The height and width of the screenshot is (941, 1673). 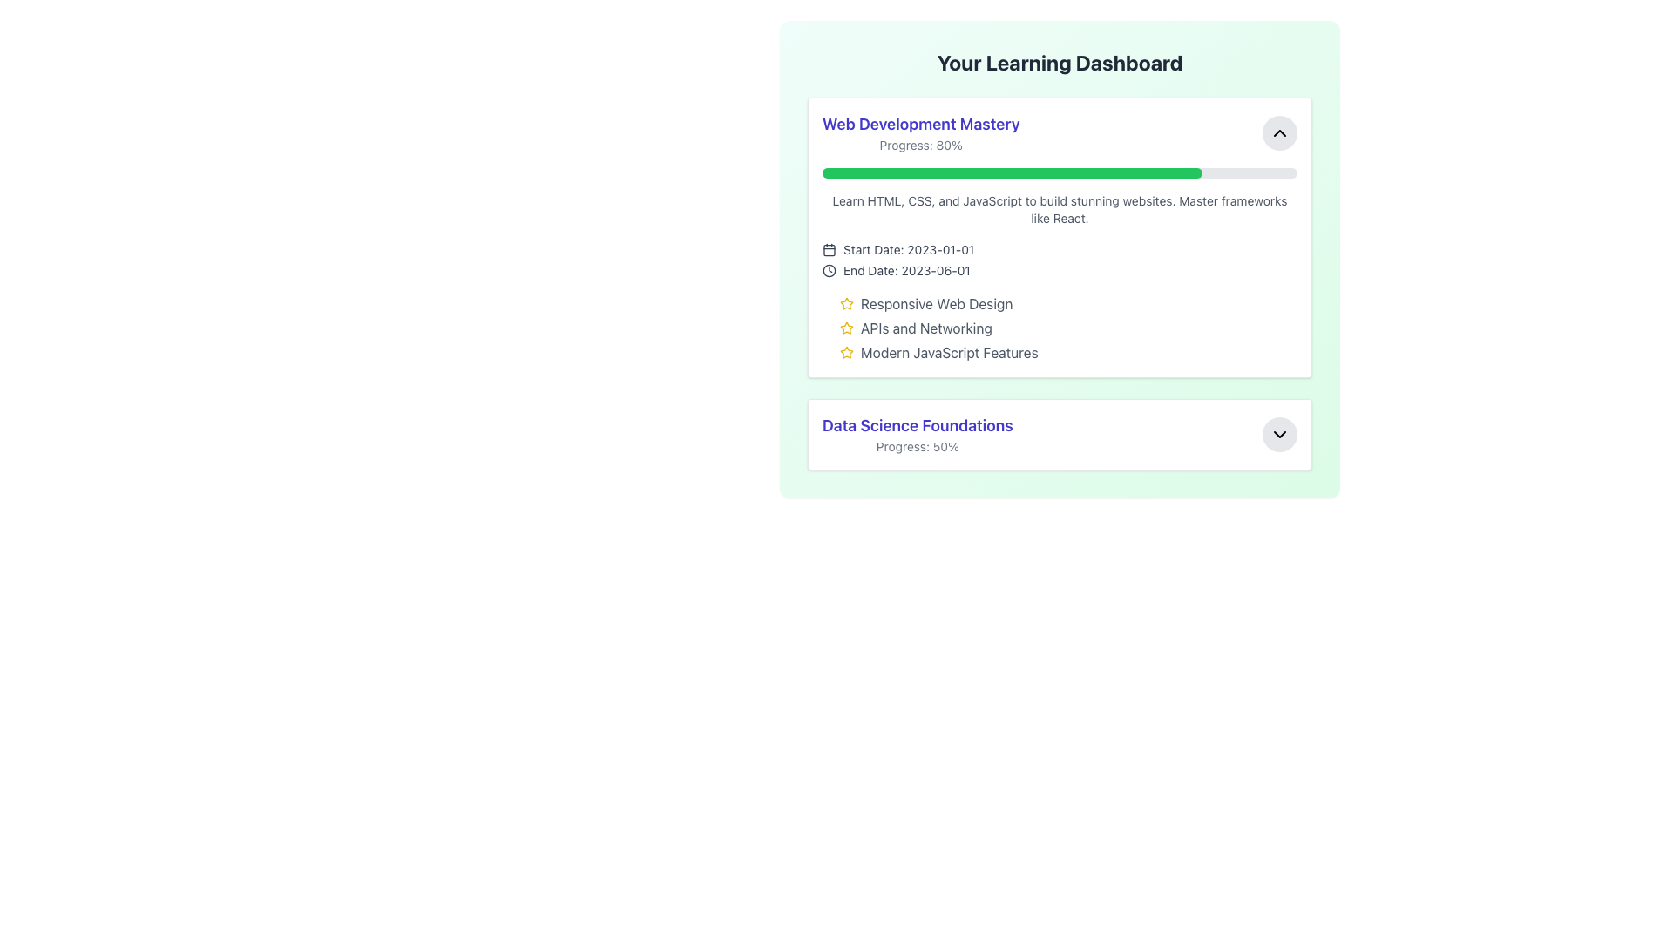 I want to click on the decorative icon associated with the course feature 'Modern JavaScript Features' within the card titled 'Web Development Mastery', so click(x=846, y=352).